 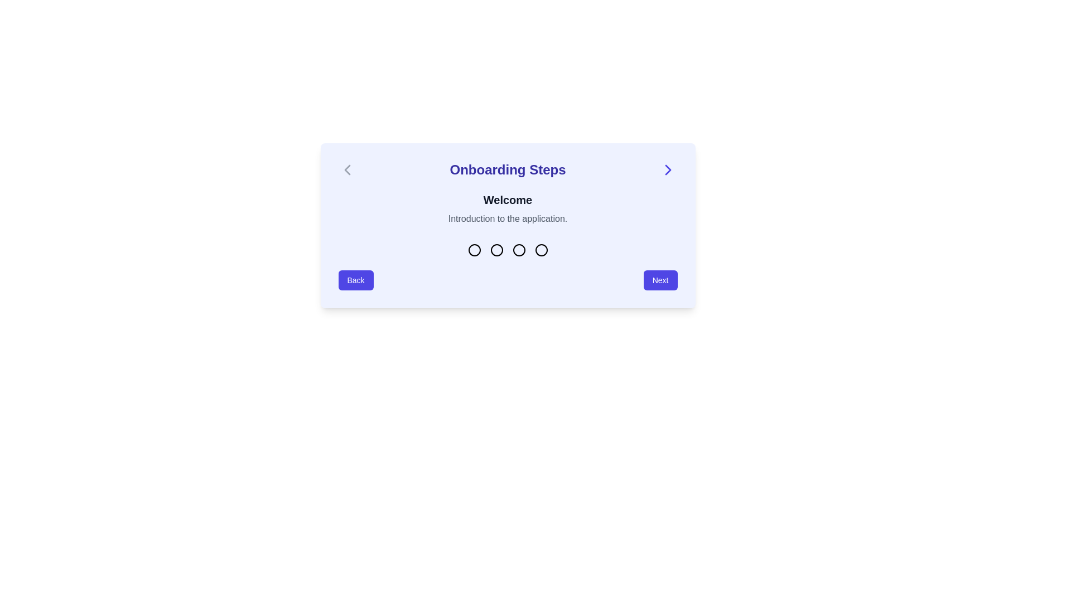 What do you see at coordinates (507, 219) in the screenshot?
I see `the text element that reads 'Introduction to the application.' which is styled in gray and located directly beneath the 'Welcome' heading` at bounding box center [507, 219].